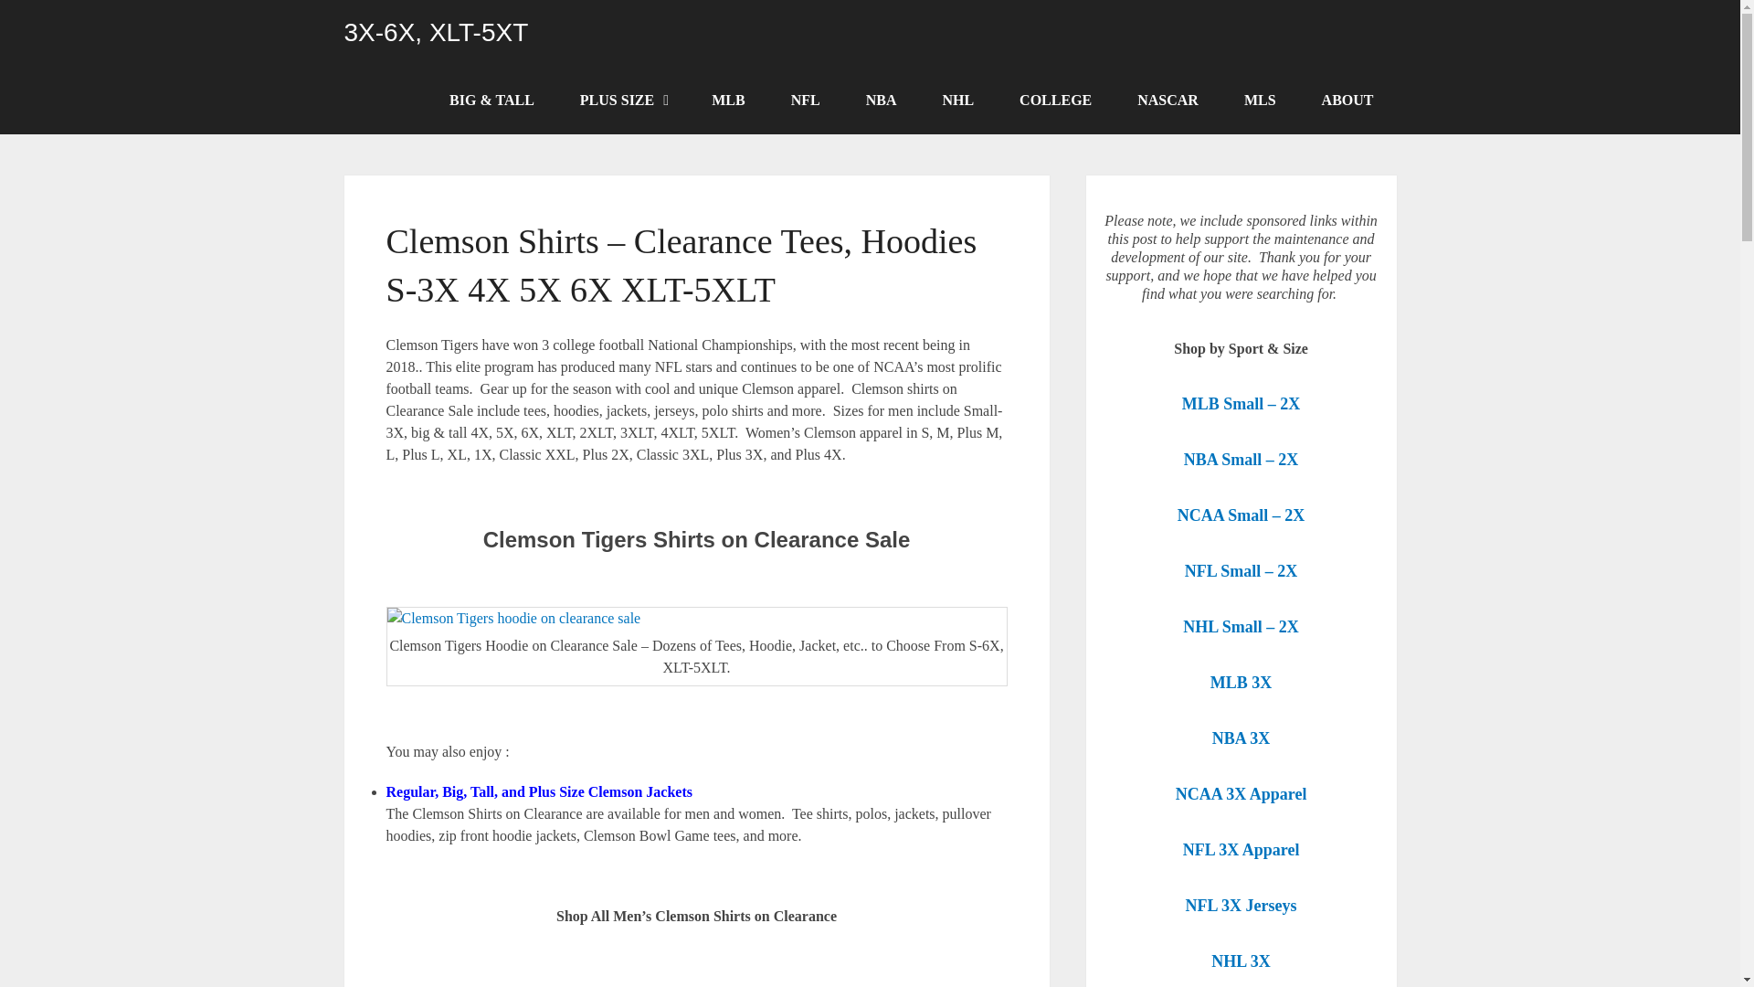 Image resolution: width=1754 pixels, height=987 pixels. Describe the element at coordinates (1241, 906) in the screenshot. I see `'NFL 3X Jerseys'` at that location.